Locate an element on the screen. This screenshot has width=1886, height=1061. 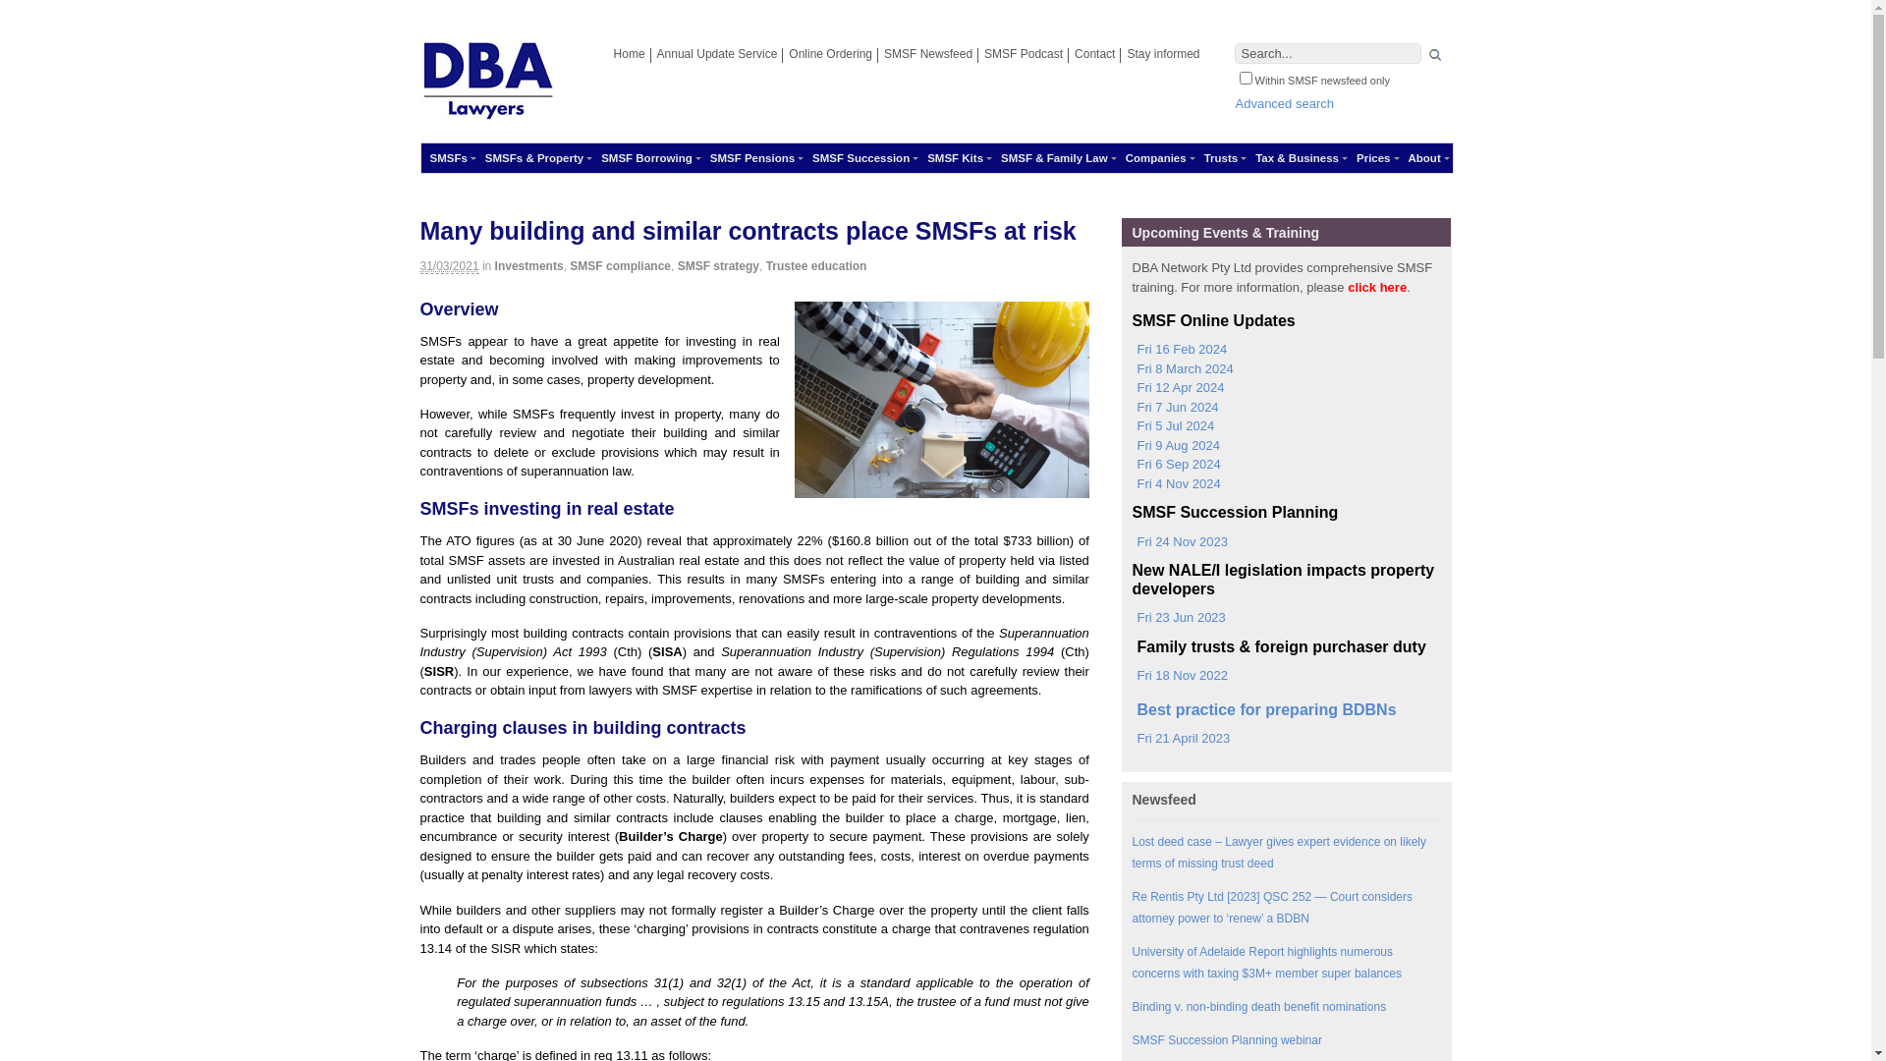
'SMSF Kits' is located at coordinates (955, 157).